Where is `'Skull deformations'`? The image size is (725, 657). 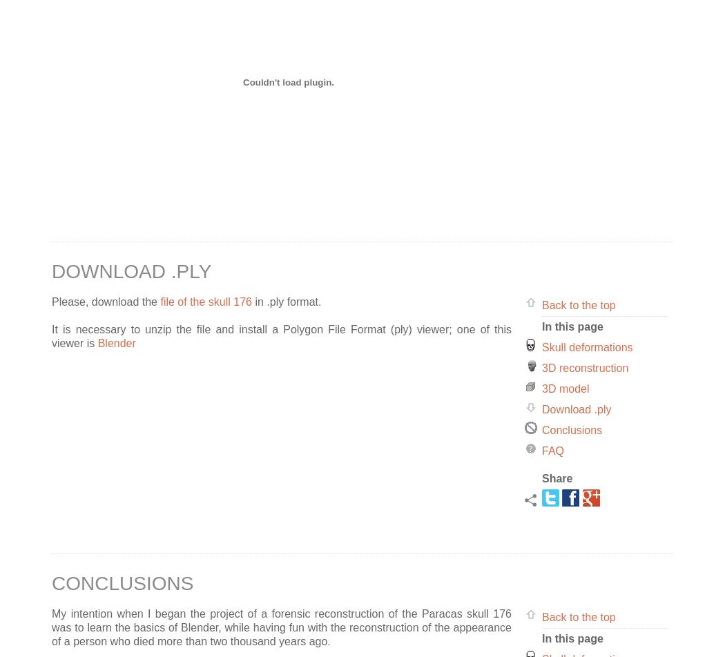
'Skull deformations' is located at coordinates (587, 346).